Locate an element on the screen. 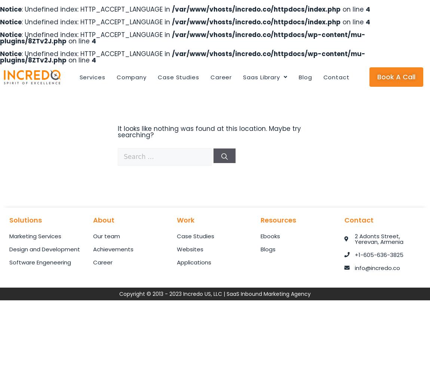 The image size is (430, 374). 'SaaS Influencer Marketing' is located at coordinates (250, 114).